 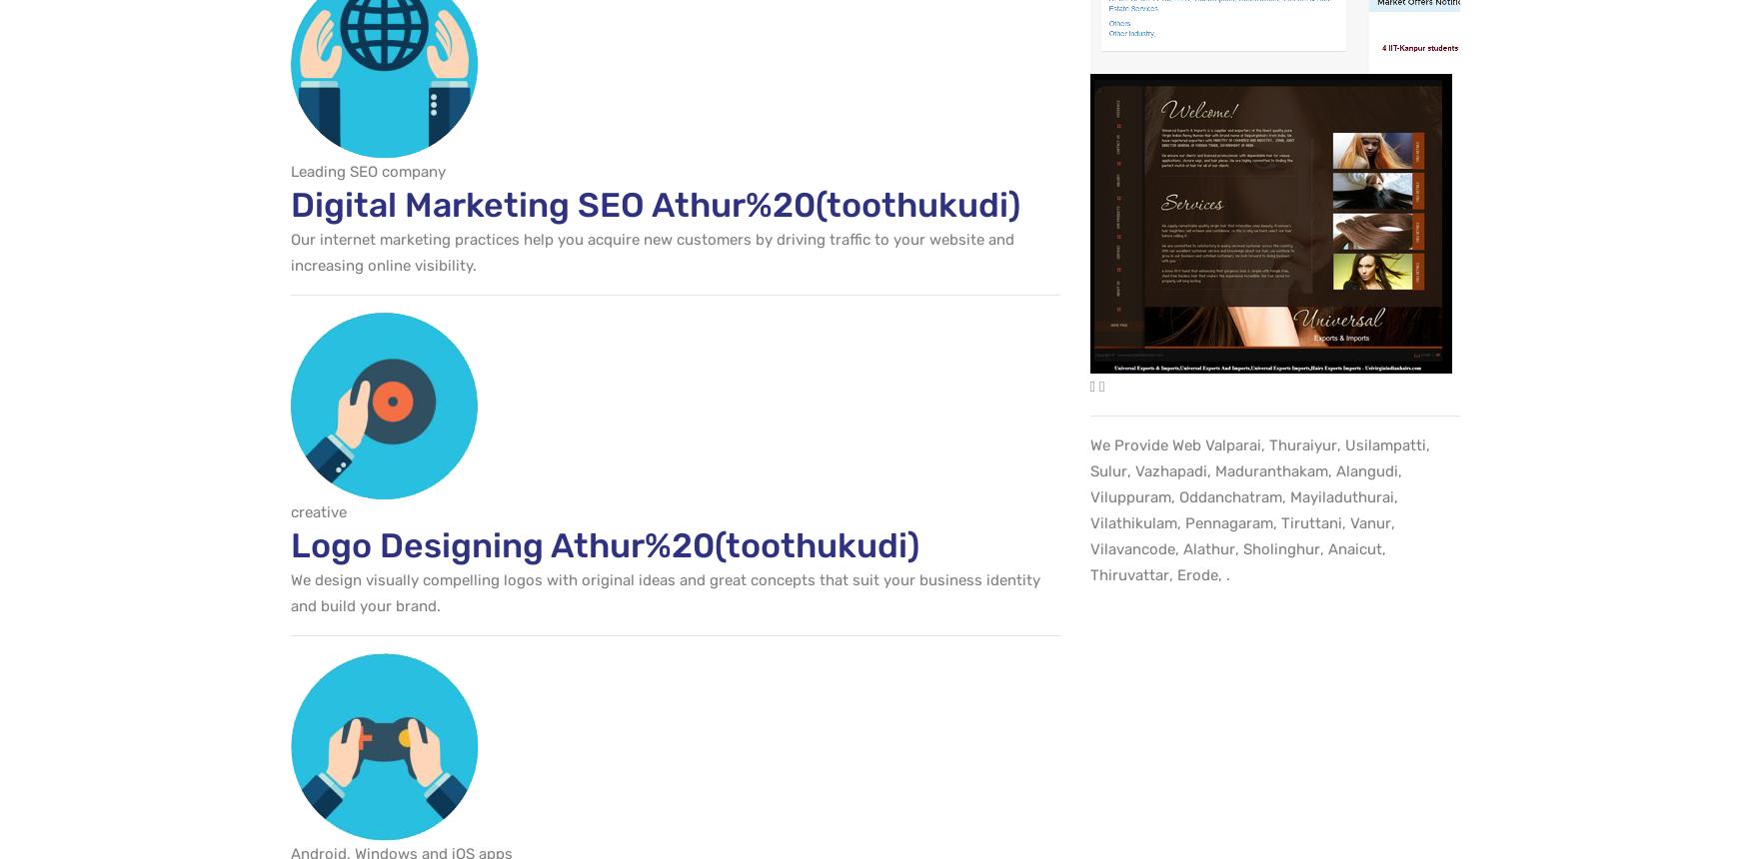 I want to click on 'Alangudi', so click(x=1366, y=470).